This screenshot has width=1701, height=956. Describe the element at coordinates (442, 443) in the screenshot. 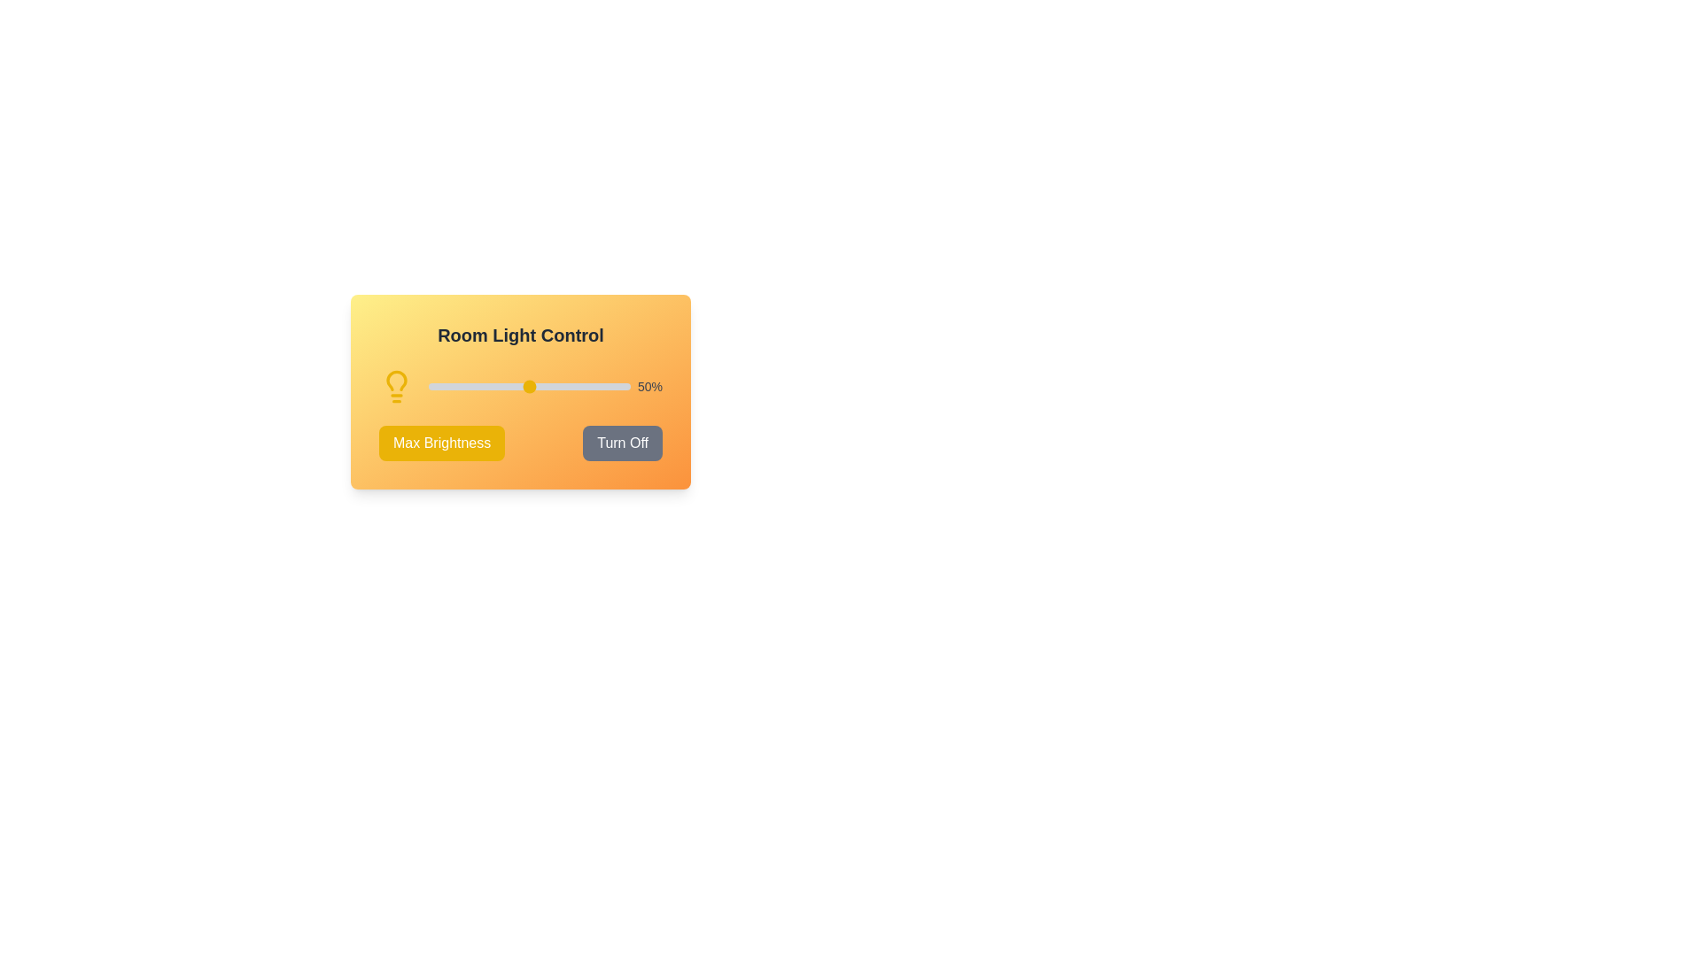

I see `'Max Brightness' button to set the brightness to 100%` at that location.